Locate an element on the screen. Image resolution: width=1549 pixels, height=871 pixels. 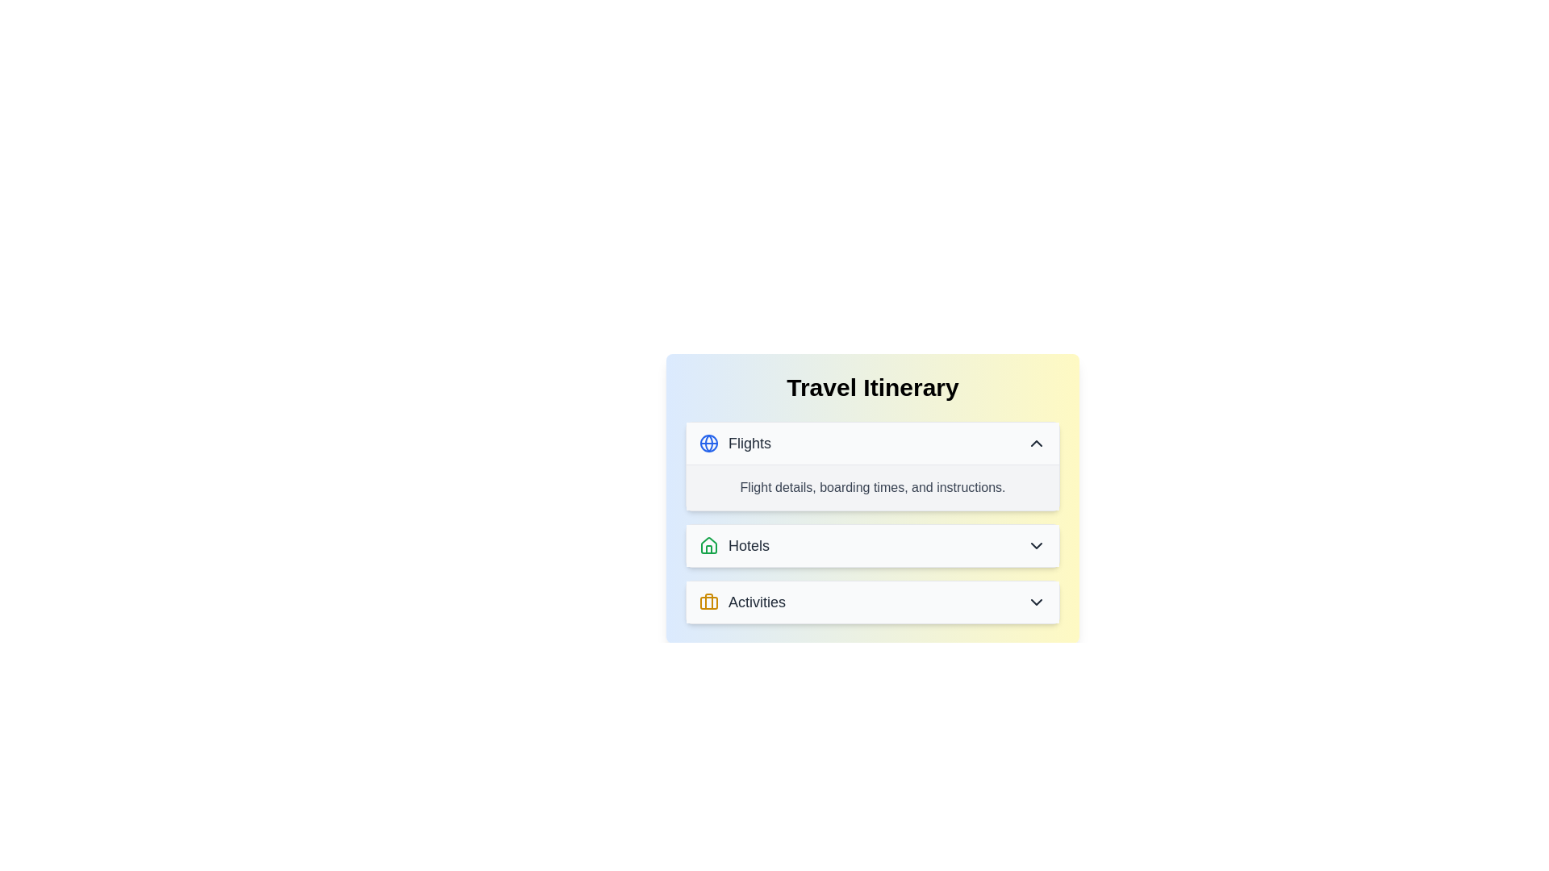
the informational text section under the 'Flights' header, which contains the text 'Flight details, boarding times, and instructions.' is located at coordinates (871, 523).